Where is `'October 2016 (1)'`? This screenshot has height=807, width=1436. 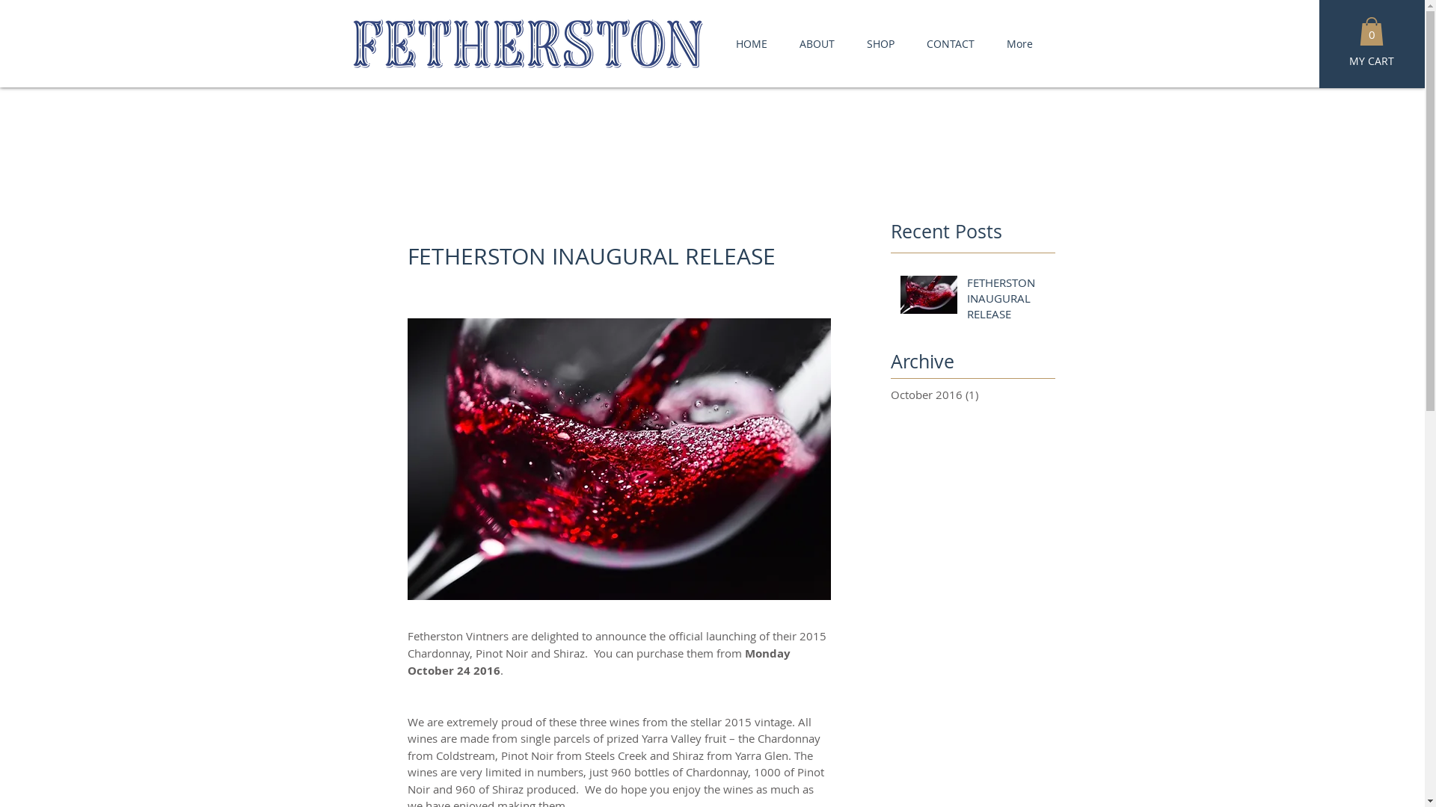 'October 2016 (1)' is located at coordinates (969, 394).